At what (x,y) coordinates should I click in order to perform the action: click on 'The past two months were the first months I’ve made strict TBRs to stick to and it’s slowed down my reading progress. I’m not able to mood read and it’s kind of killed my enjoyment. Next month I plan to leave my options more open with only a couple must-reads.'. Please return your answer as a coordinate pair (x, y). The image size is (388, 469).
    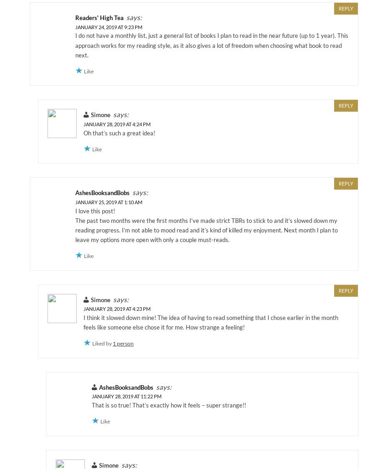
    Looking at the image, I should click on (206, 230).